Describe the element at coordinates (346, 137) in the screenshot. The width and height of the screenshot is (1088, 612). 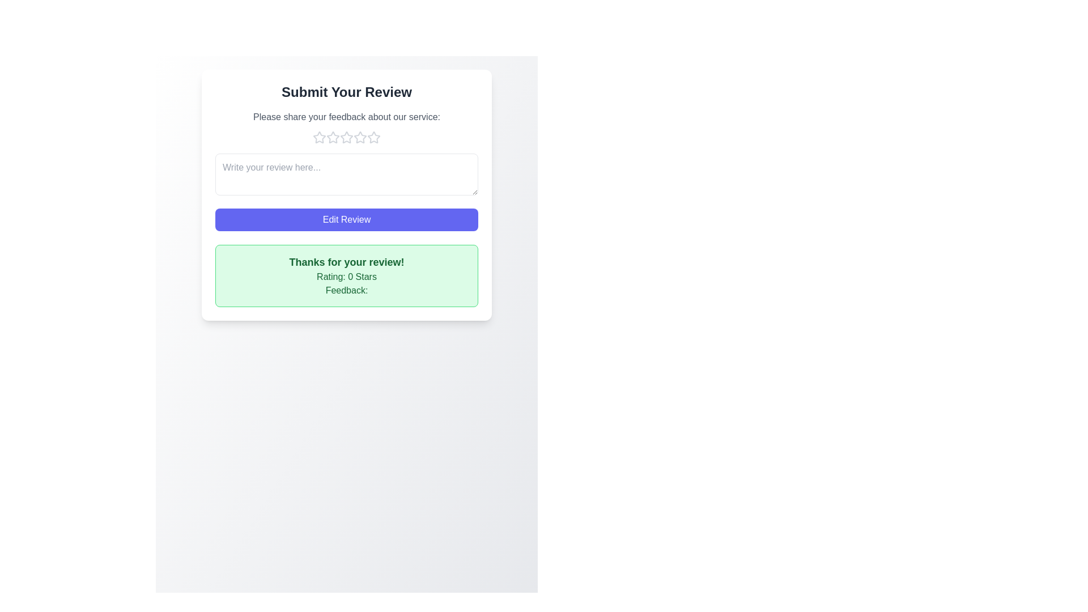
I see `the star rating to 3 by clicking on the corresponding star` at that location.